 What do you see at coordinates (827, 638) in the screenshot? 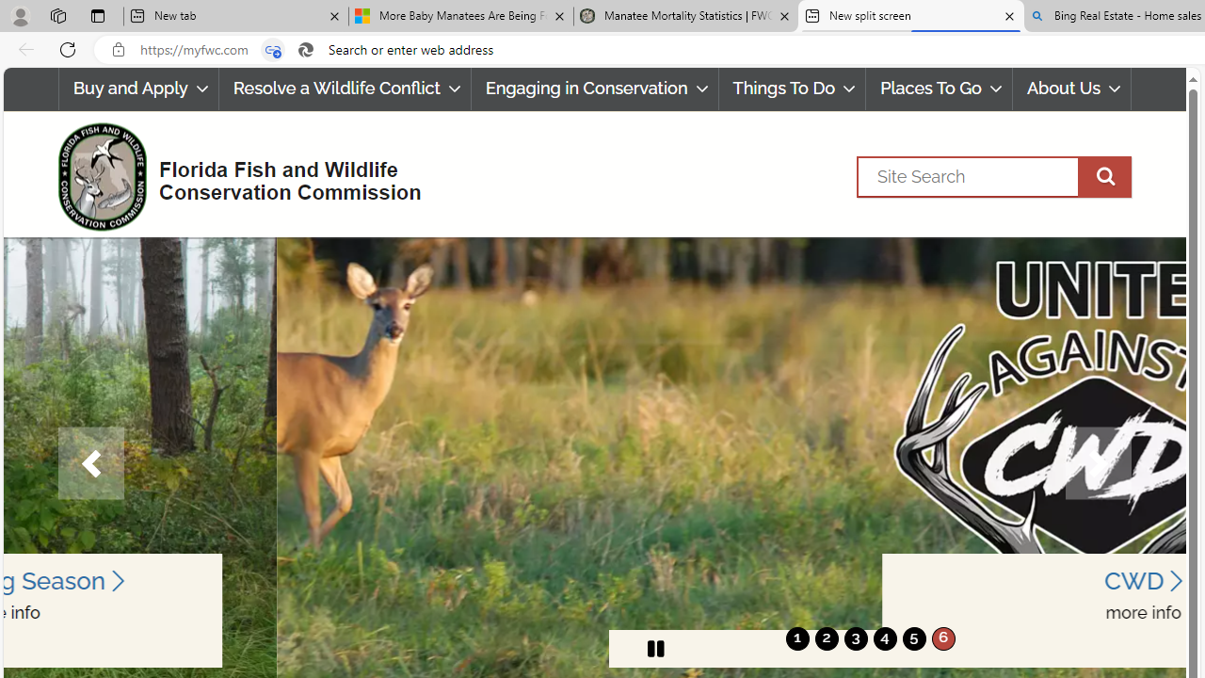
I see `'2'` at bounding box center [827, 638].